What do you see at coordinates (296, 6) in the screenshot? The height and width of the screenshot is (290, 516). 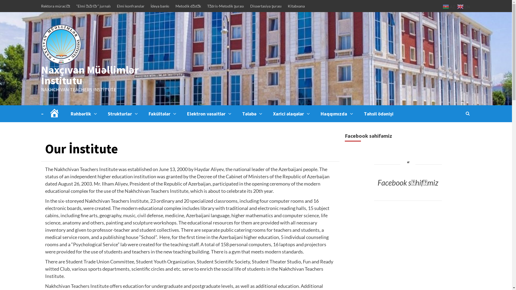 I see `'Kitabxana'` at bounding box center [296, 6].